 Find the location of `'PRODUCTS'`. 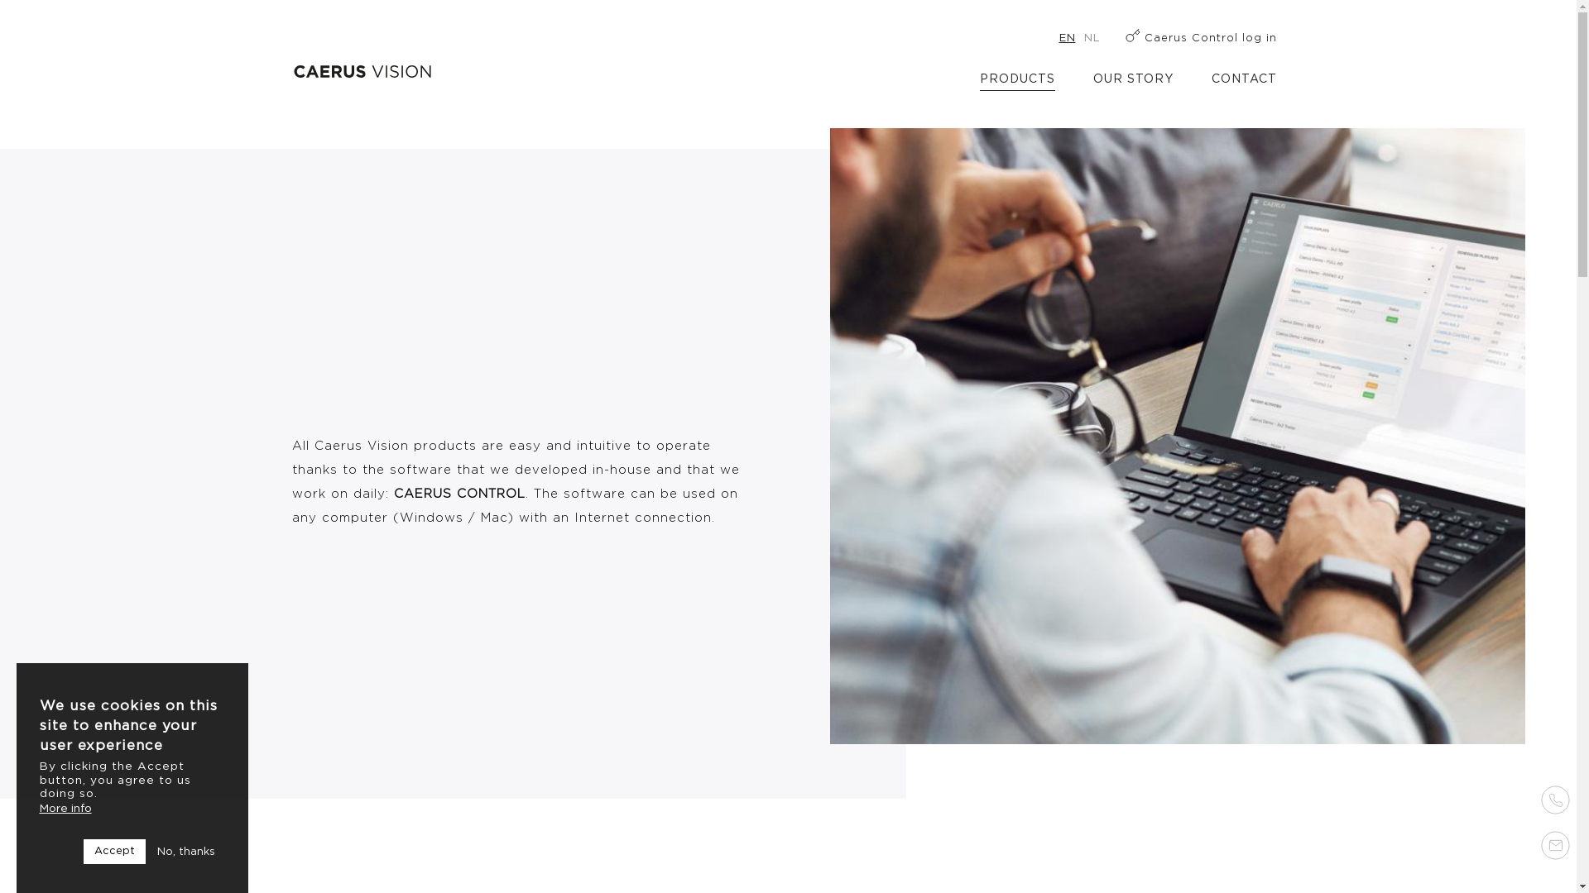

'PRODUCTS' is located at coordinates (1016, 83).